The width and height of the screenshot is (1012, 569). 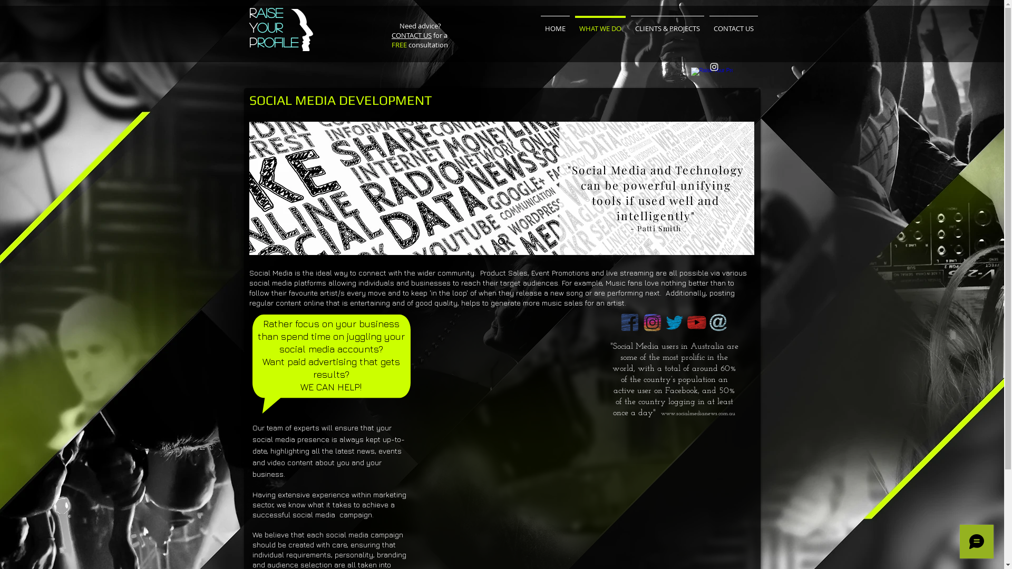 I want to click on 'HOME', so click(x=554, y=24).